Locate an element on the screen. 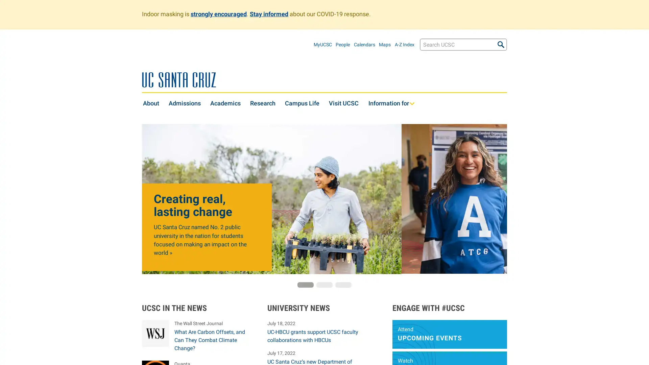 Image resolution: width=649 pixels, height=365 pixels. Search is located at coordinates (501, 44).